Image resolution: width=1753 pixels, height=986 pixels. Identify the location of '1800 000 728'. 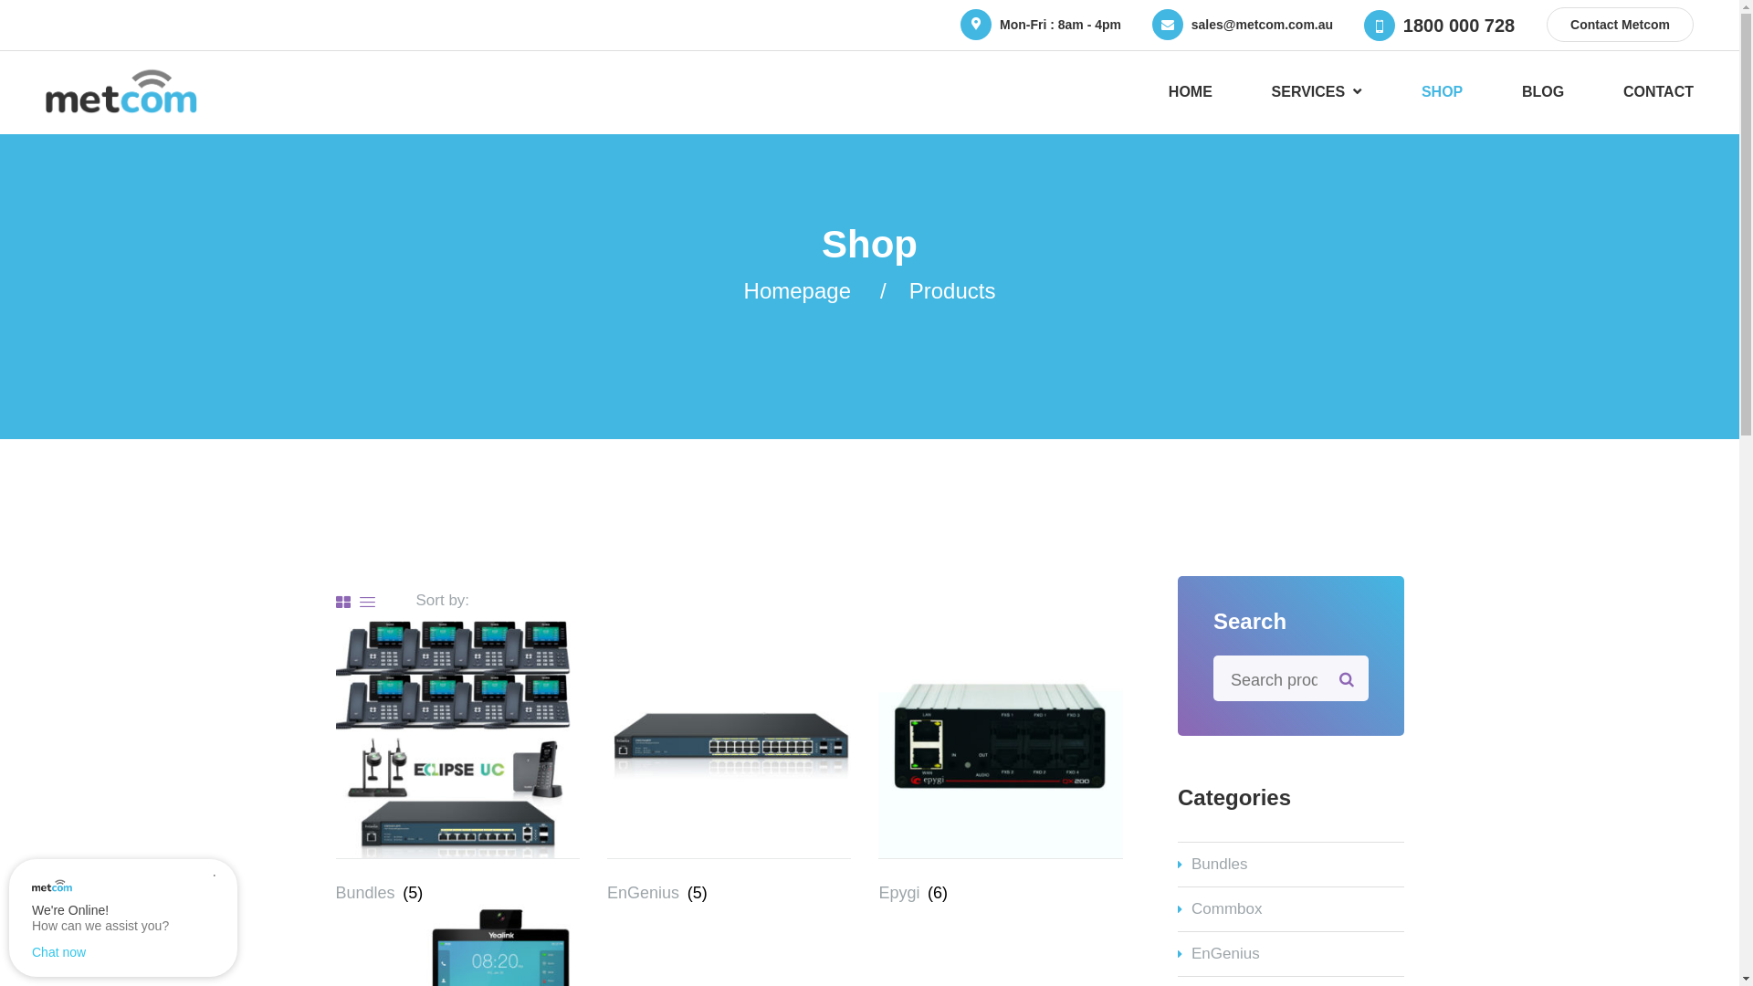
(1458, 25).